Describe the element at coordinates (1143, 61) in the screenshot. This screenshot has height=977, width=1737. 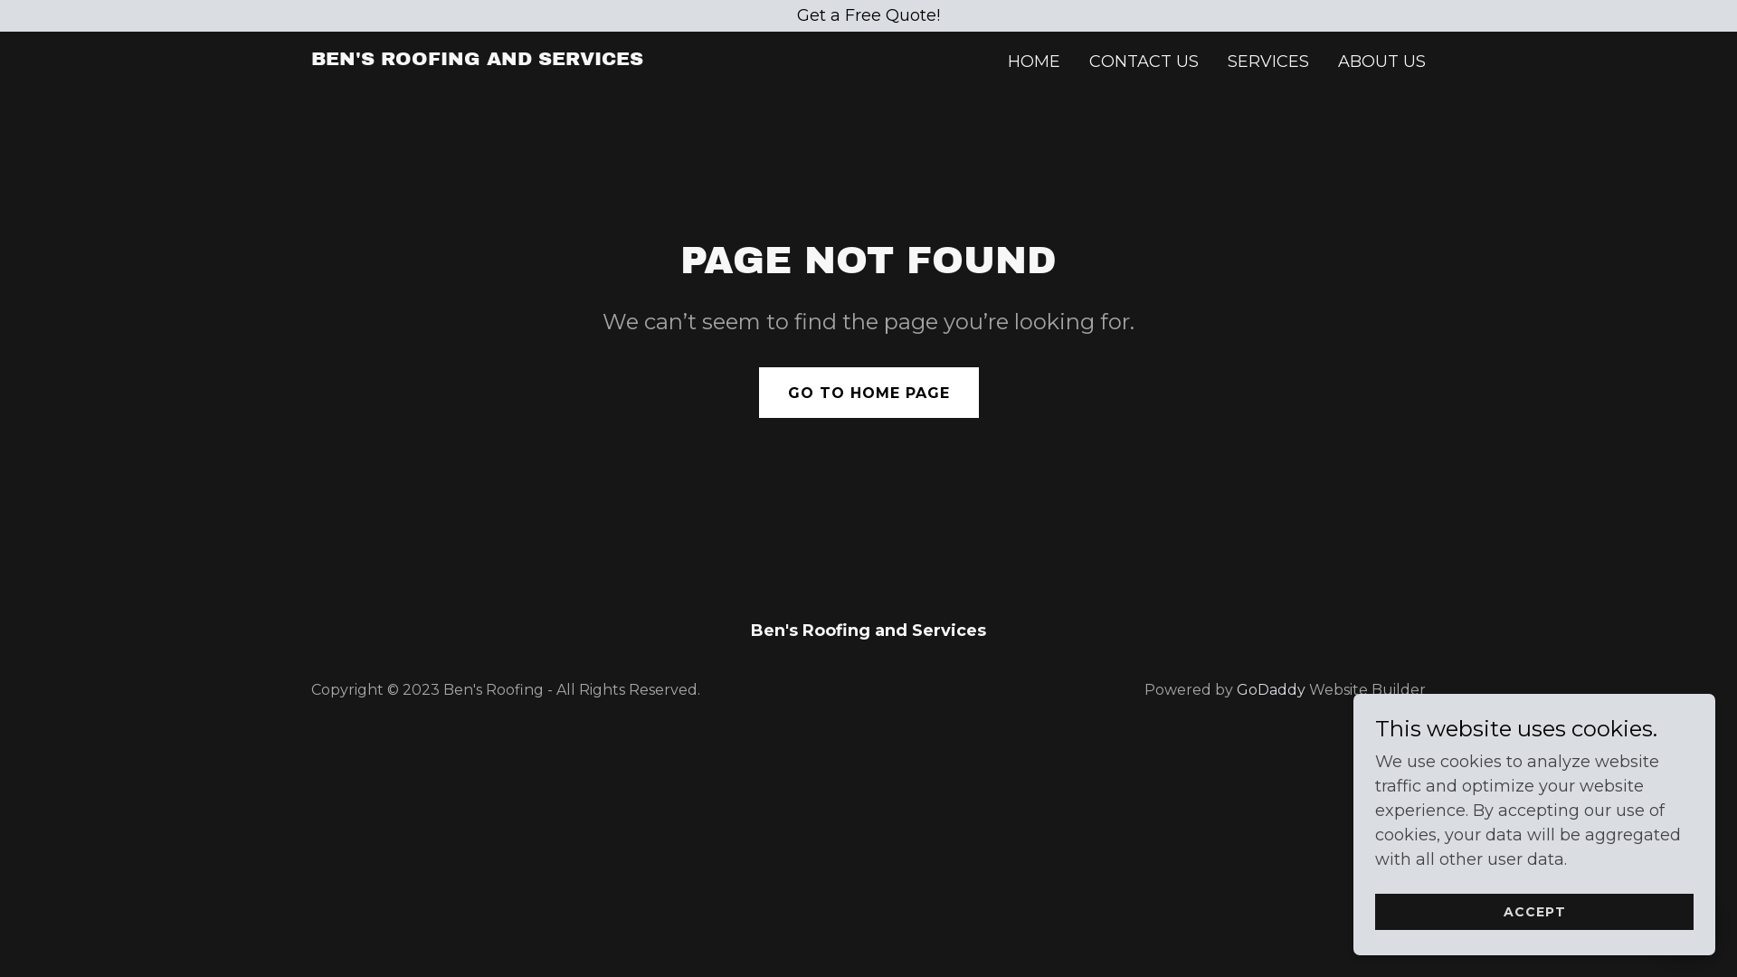
I see `'CONTACT US'` at that location.